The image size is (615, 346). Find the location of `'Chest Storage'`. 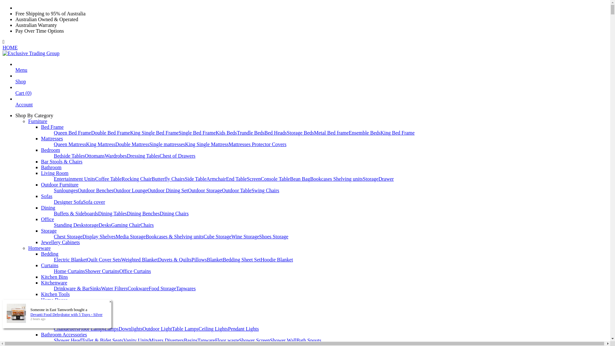

'Chest Storage' is located at coordinates (54, 236).